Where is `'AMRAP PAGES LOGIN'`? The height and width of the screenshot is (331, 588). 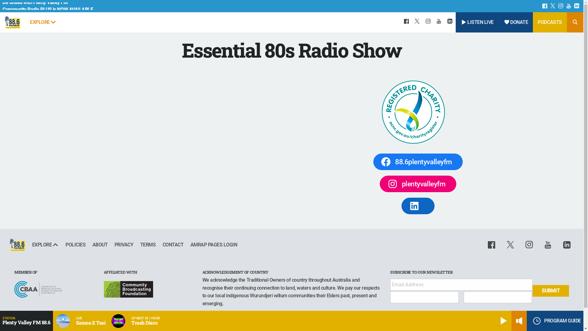
'AMRAP PAGES LOGIN' is located at coordinates (212, 244).